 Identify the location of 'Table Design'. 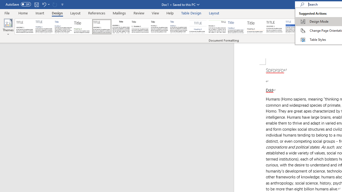
(191, 13).